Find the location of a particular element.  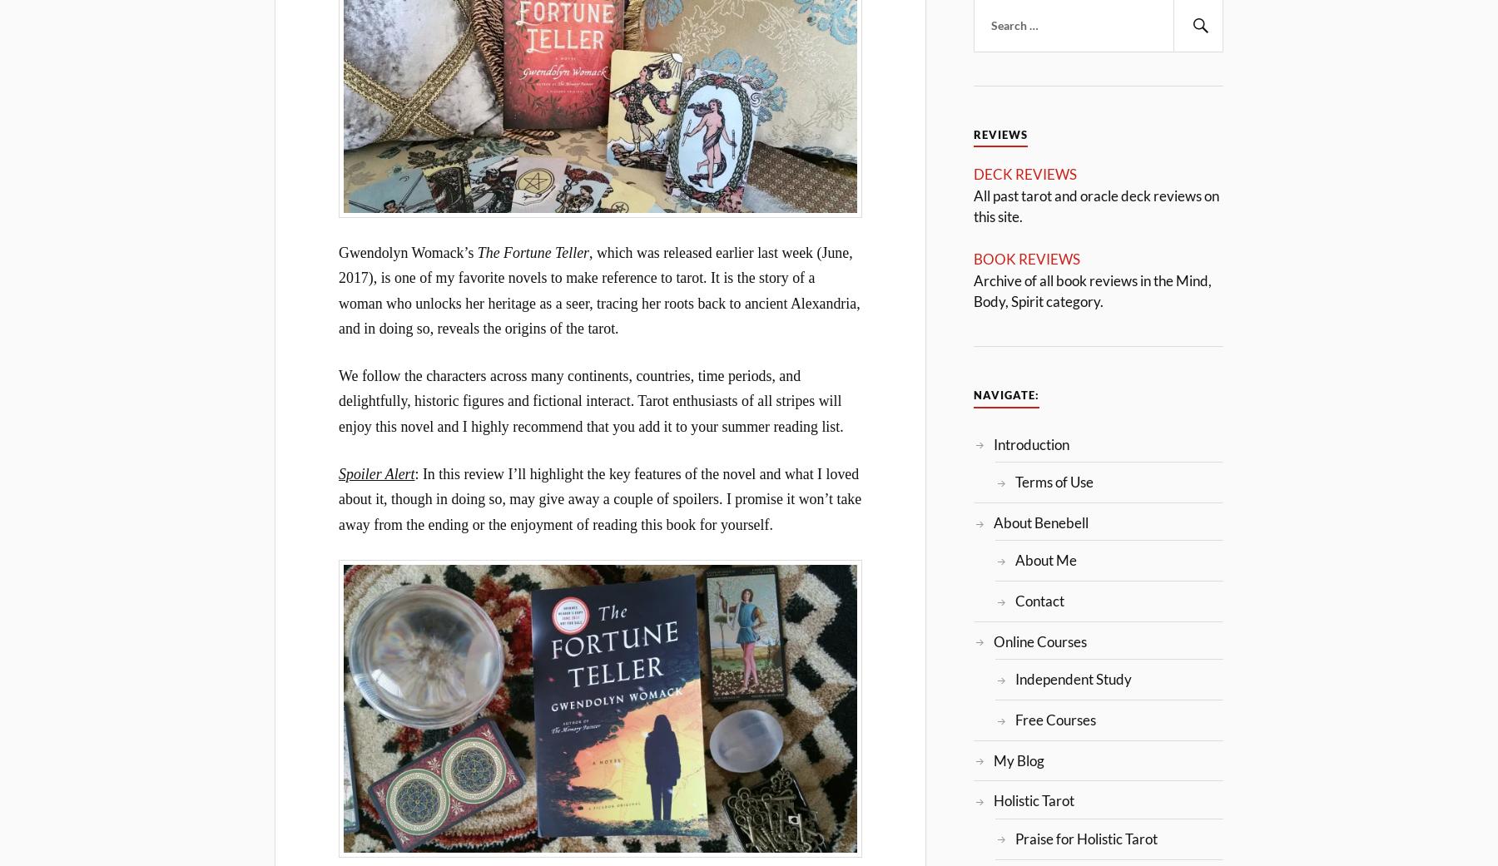

'DECK REVIEWS' is located at coordinates (1024, 173).